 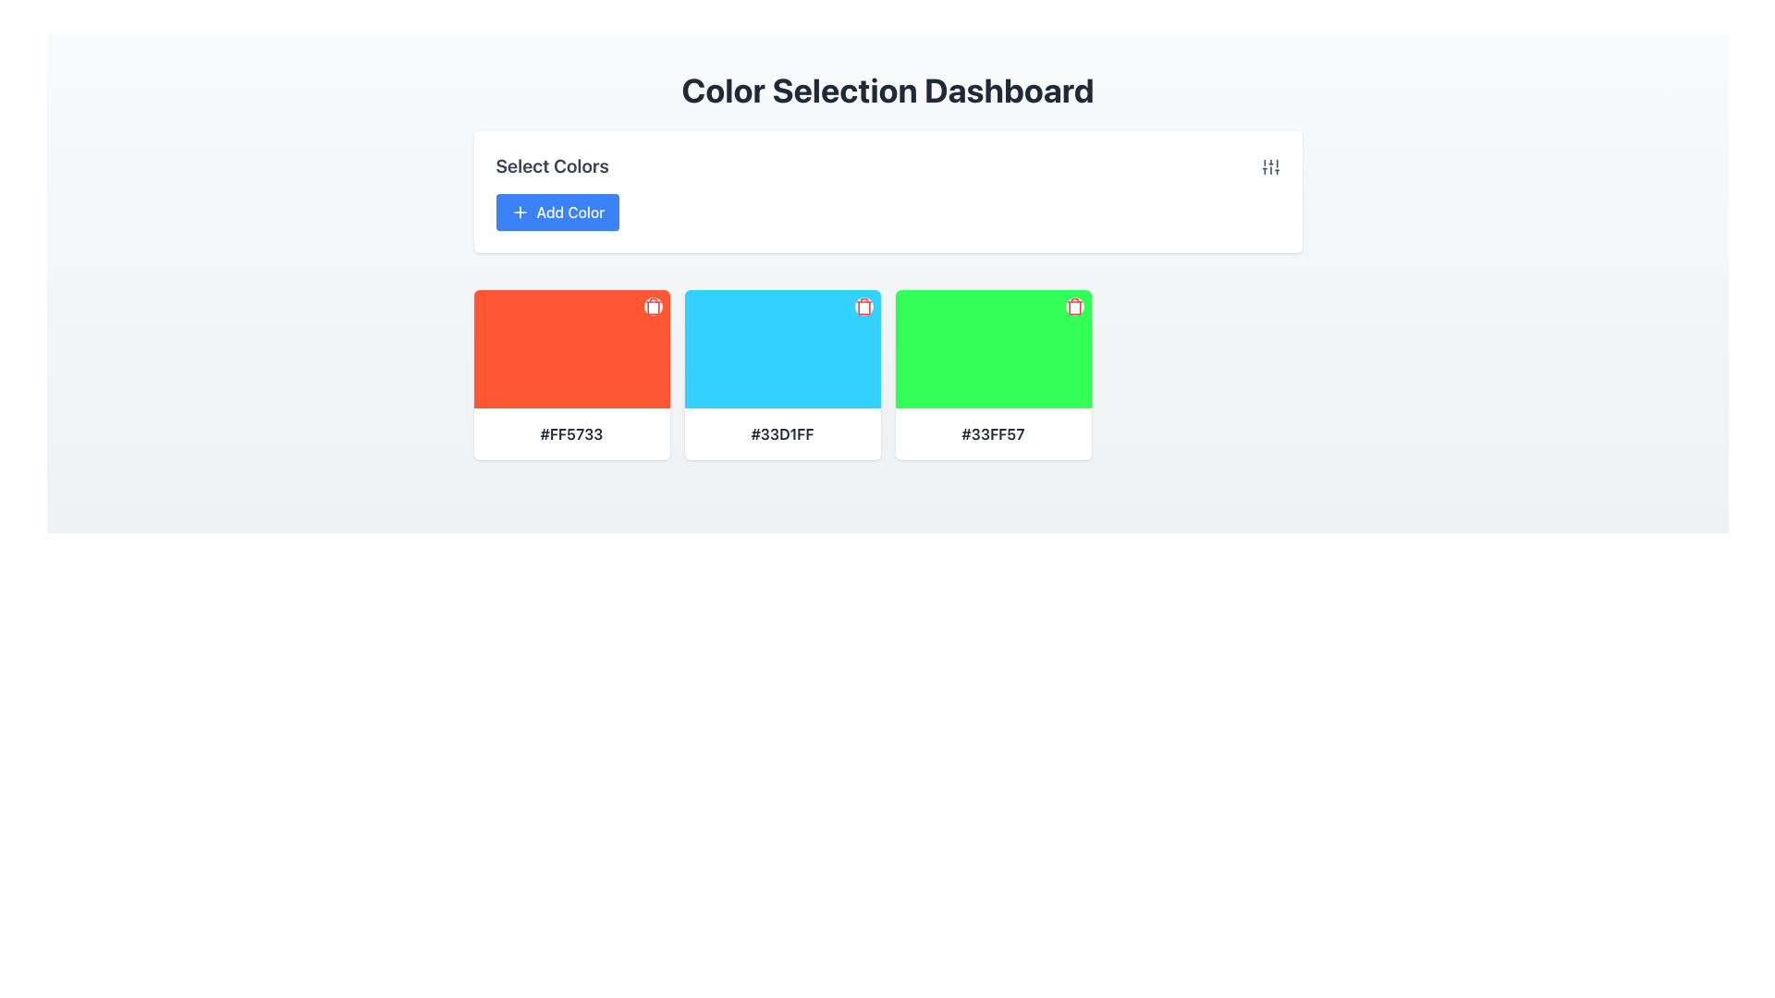 What do you see at coordinates (653, 305) in the screenshot?
I see `the delete button located at the top-right corner of the card with color '#FF5733'` at bounding box center [653, 305].